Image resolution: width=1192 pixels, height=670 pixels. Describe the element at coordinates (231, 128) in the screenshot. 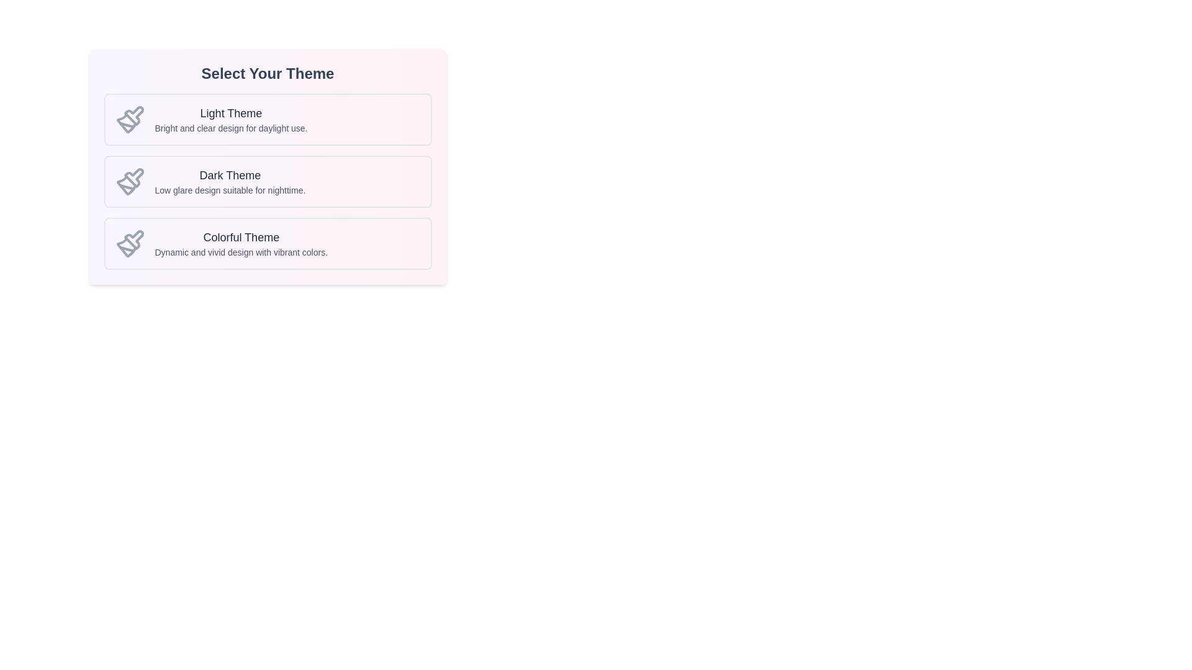

I see `the descriptive text block located directly underneath the 'Light Theme' title in the theme selection interface to use the information for decision-making` at that location.